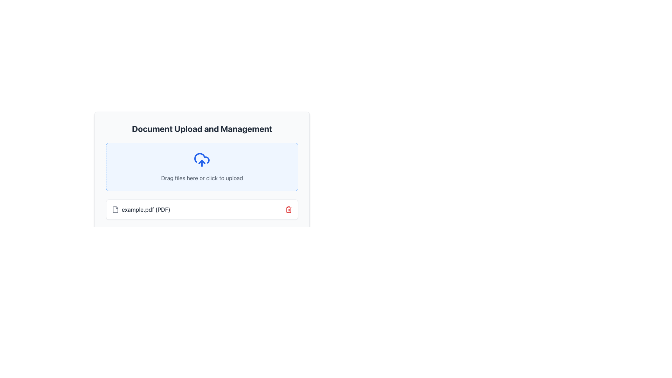  Describe the element at coordinates (141, 209) in the screenshot. I see `the text label displaying the filename 'example.pdf (PDF)' to edit it` at that location.